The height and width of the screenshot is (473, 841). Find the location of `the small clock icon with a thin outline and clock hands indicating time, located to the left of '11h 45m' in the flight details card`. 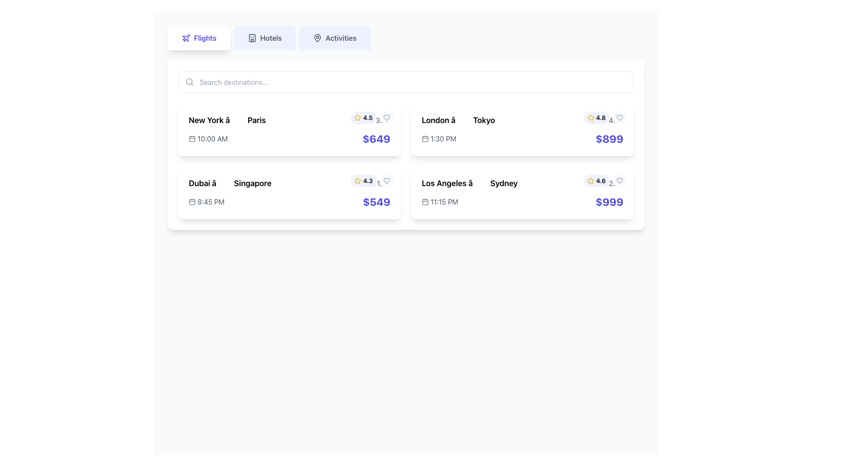

the small clock icon with a thin outline and clock hands indicating time, located to the left of '11h 45m' in the flight details card is located at coordinates (591, 120).